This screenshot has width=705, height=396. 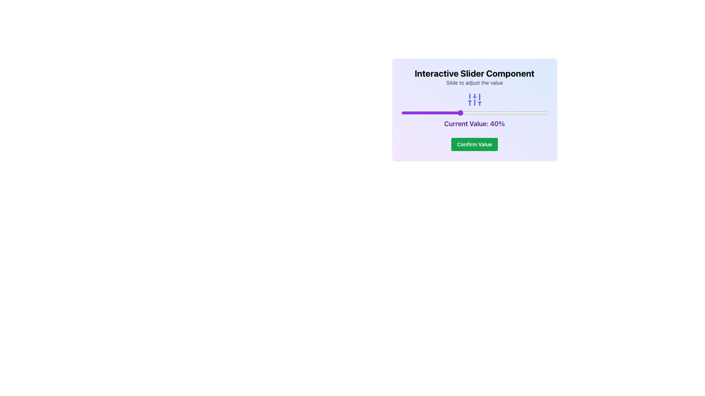 I want to click on the handle of the range slider that allows users to select a value from 0 to 100, positioned above the label 'Current Value: 40%', so click(x=474, y=113).